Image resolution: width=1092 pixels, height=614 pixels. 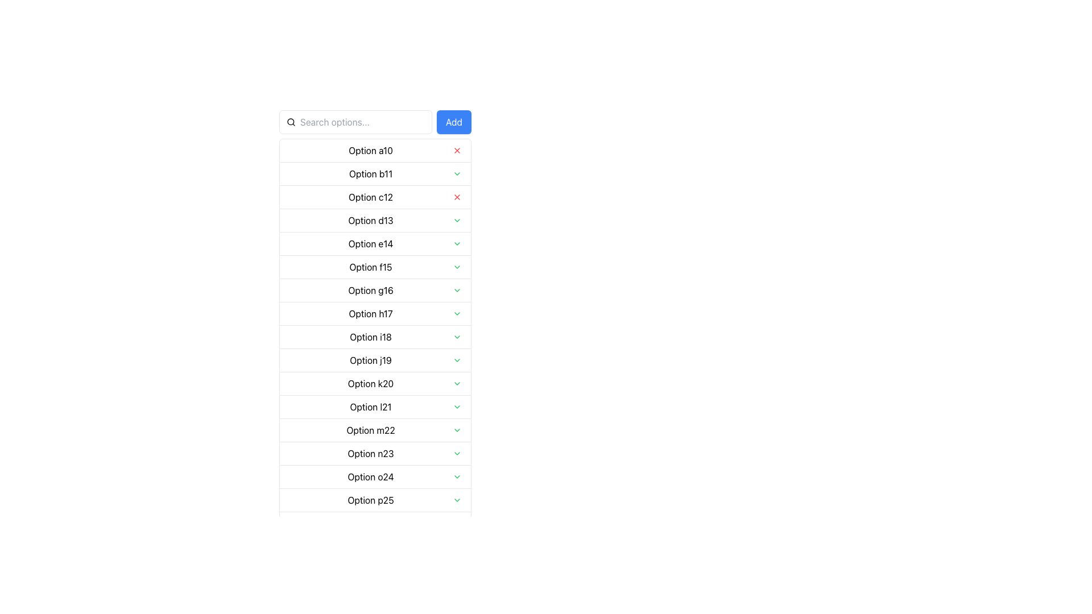 What do you see at coordinates (453, 122) in the screenshot?
I see `the blue button with rounded corners labeled 'Add' located at the top right of the layout` at bounding box center [453, 122].